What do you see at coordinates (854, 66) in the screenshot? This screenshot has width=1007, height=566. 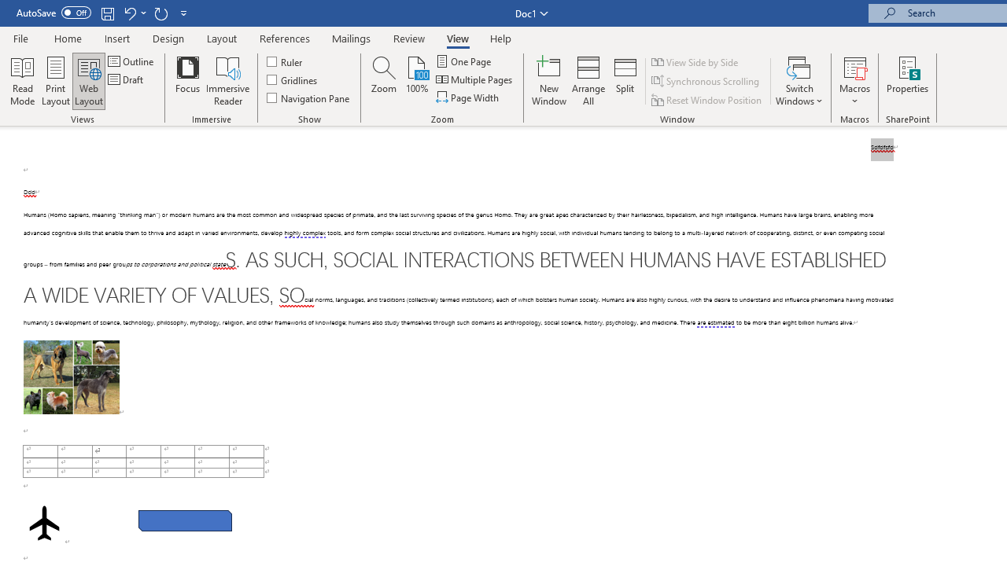 I see `'View Macros'` at bounding box center [854, 66].